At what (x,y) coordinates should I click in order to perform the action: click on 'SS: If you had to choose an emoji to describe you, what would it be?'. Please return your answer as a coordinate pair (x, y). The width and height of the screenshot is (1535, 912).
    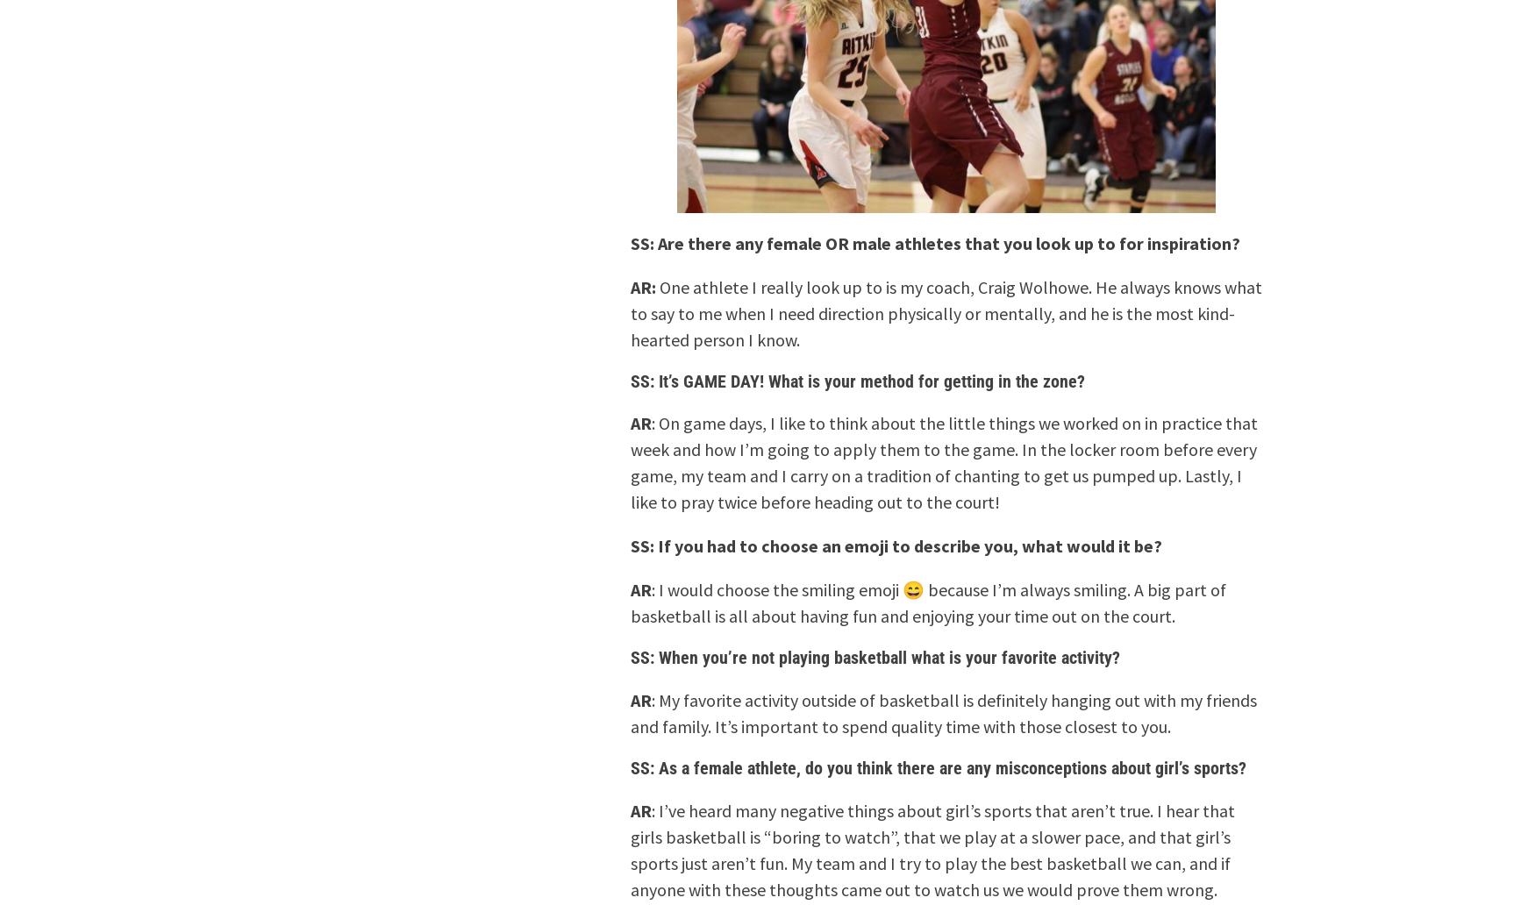
    Looking at the image, I should click on (631, 545).